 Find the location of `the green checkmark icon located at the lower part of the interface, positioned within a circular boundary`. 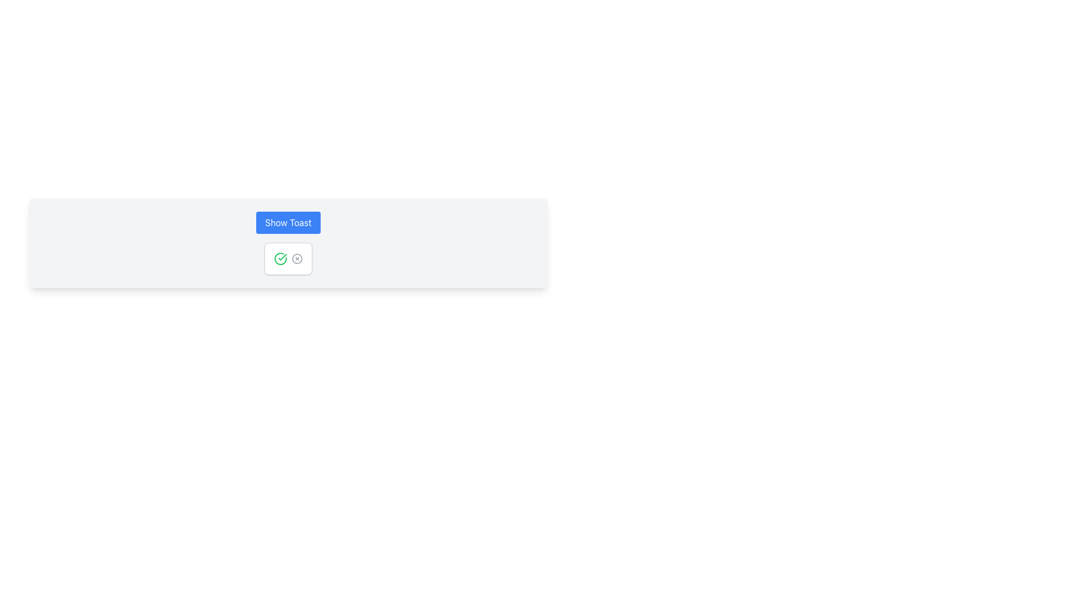

the green checkmark icon located at the lower part of the interface, positioned within a circular boundary is located at coordinates (282, 257).